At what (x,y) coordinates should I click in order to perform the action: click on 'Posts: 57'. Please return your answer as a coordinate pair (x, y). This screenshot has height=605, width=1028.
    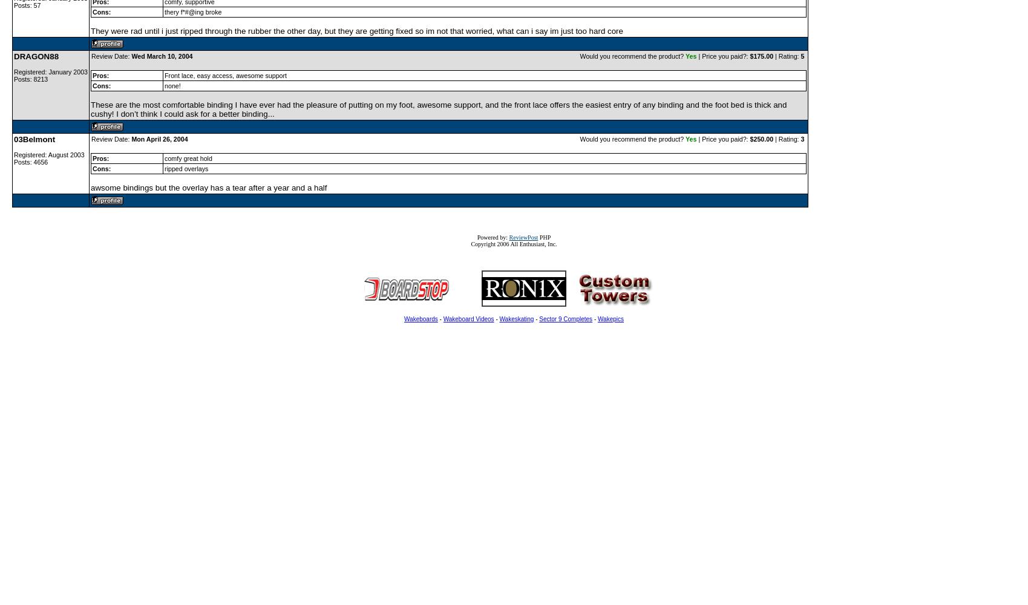
    Looking at the image, I should click on (13, 5).